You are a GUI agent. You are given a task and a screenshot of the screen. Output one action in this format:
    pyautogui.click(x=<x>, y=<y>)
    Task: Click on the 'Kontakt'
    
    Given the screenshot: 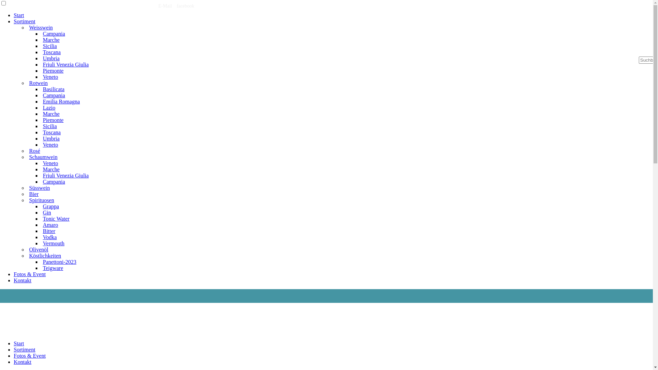 What is the action you would take?
    pyautogui.click(x=13, y=280)
    